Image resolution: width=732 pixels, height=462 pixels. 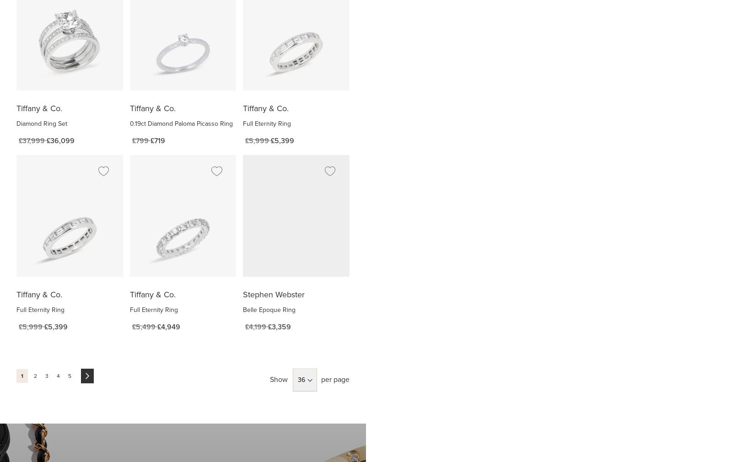 What do you see at coordinates (21, 376) in the screenshot?
I see `'1'` at bounding box center [21, 376].